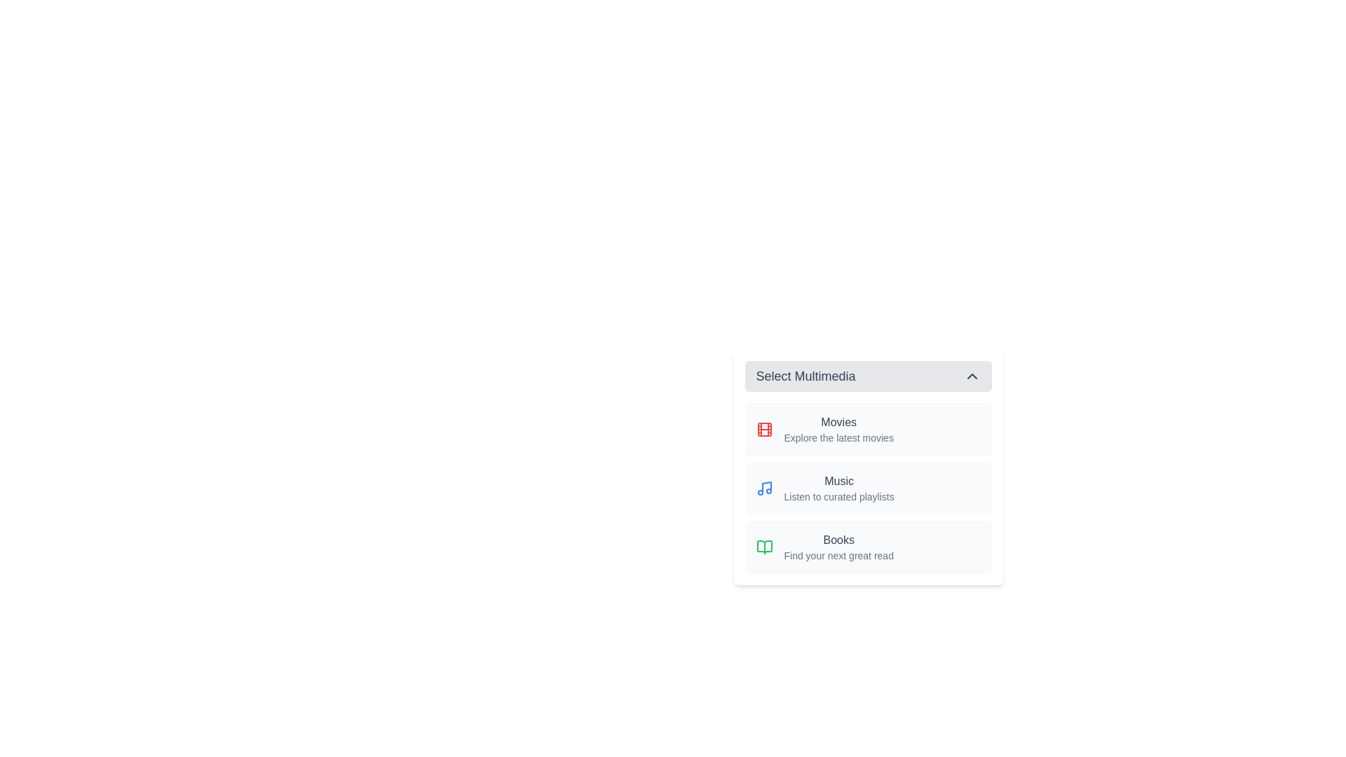 Image resolution: width=1346 pixels, height=757 pixels. Describe the element at coordinates (838, 437) in the screenshot. I see `the Static Text Description located beneath the 'Movies' title in the 'Select Multimedia' section` at that location.